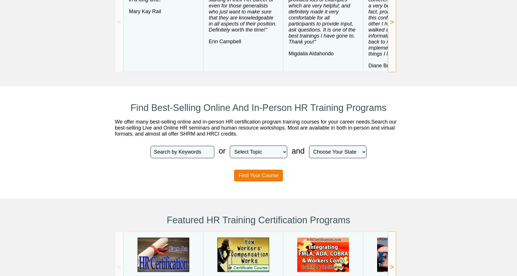  I want to click on 'Featured HR Training Certification Programs', so click(258, 220).